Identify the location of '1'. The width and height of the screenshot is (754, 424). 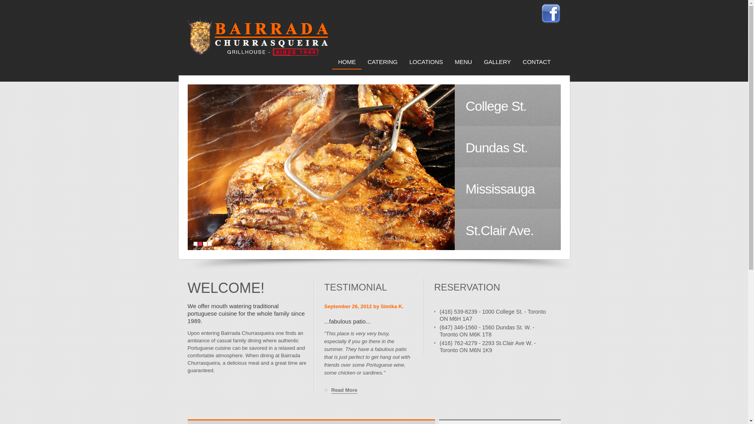
(195, 243).